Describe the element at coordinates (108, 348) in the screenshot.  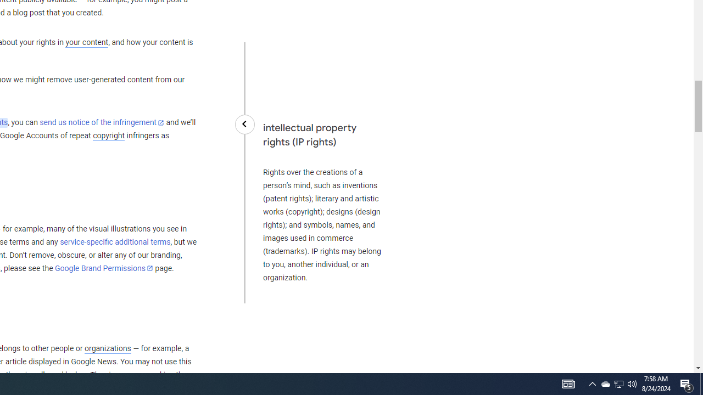
I see `'organizations'` at that location.